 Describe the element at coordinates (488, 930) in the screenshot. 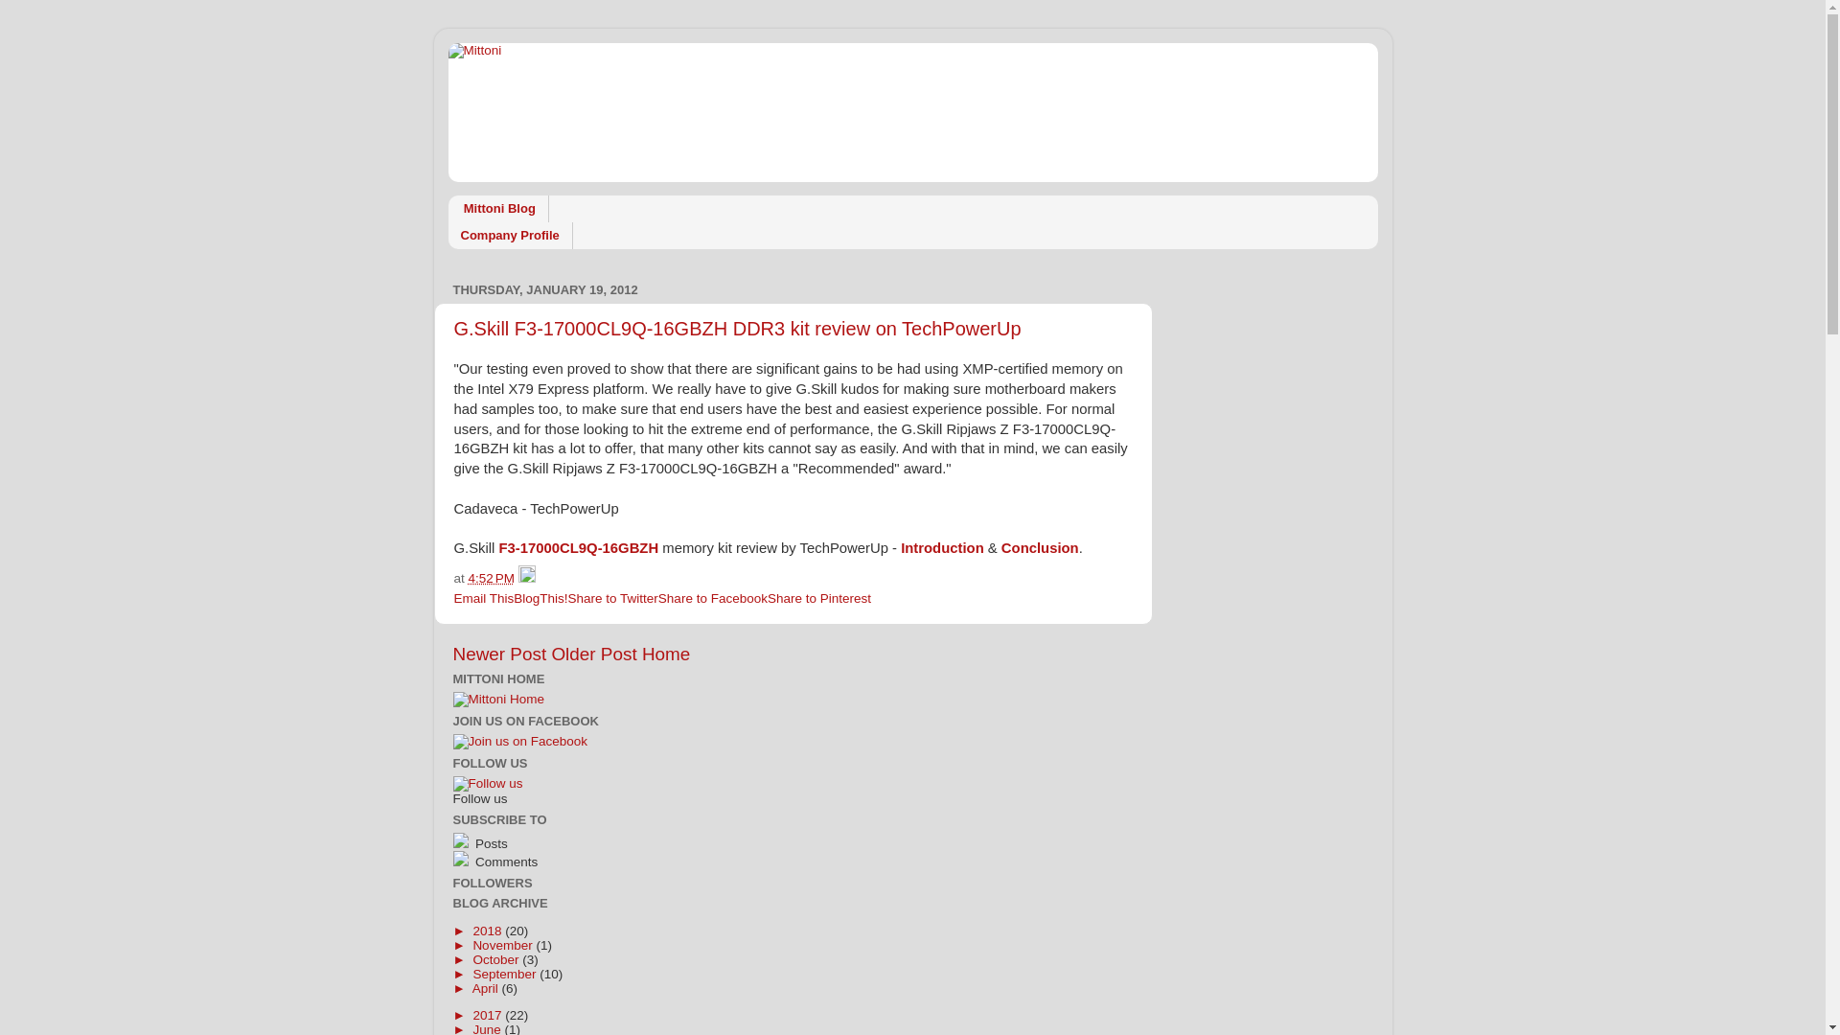

I see `'2018'` at that location.